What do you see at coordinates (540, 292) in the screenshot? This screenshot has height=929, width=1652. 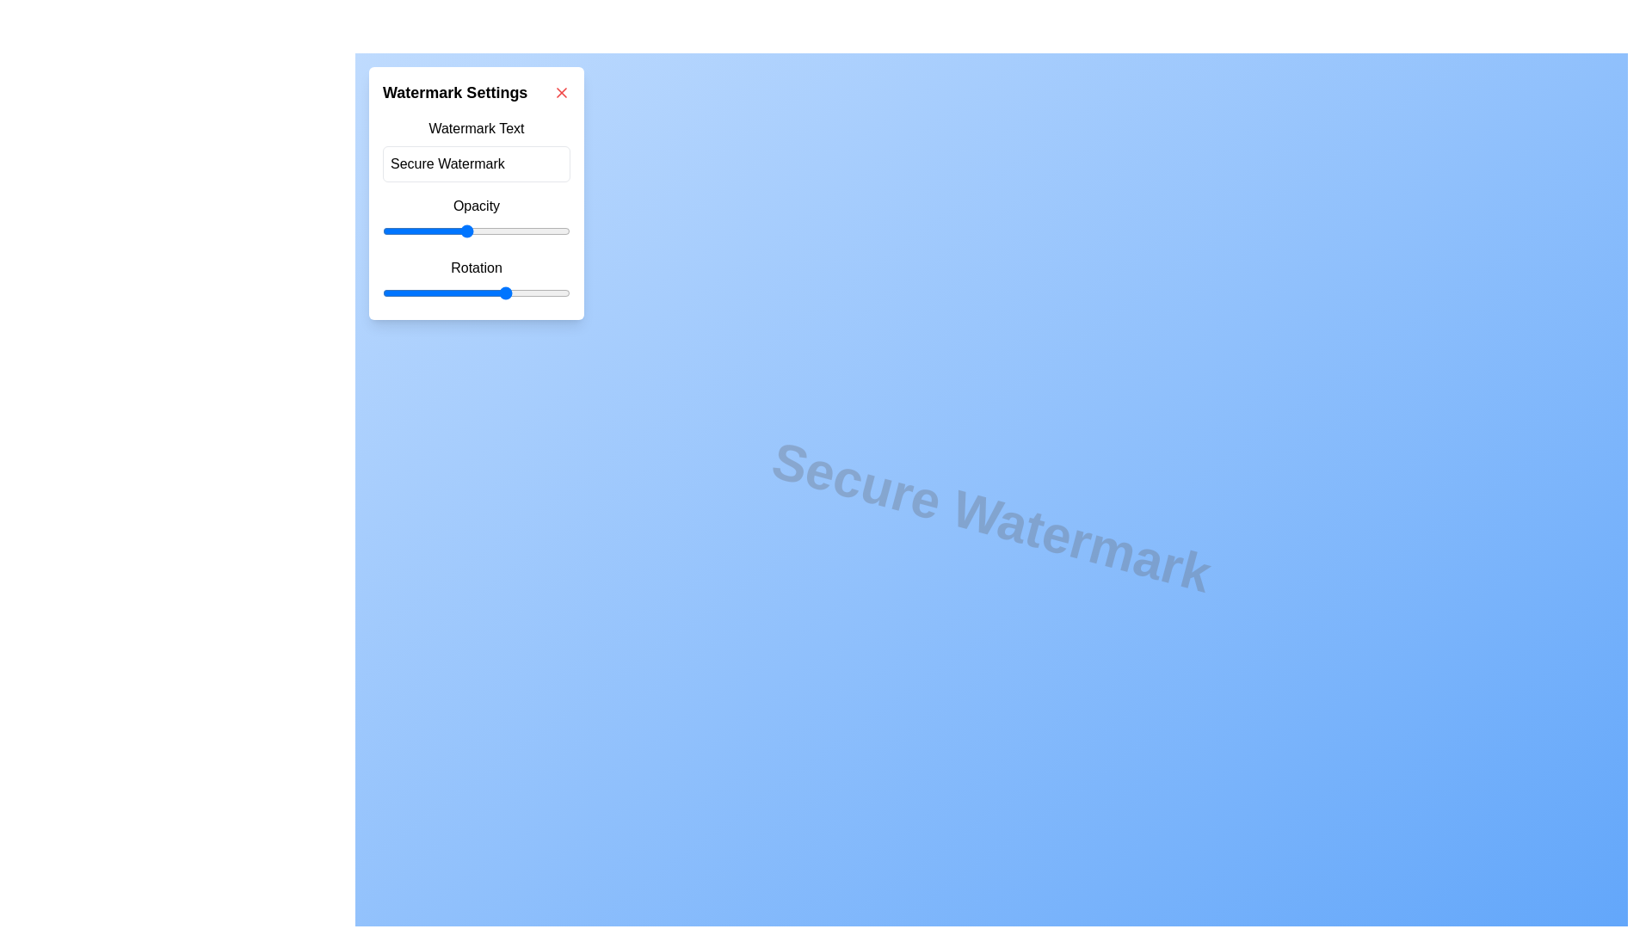 I see `the rotation value` at bounding box center [540, 292].